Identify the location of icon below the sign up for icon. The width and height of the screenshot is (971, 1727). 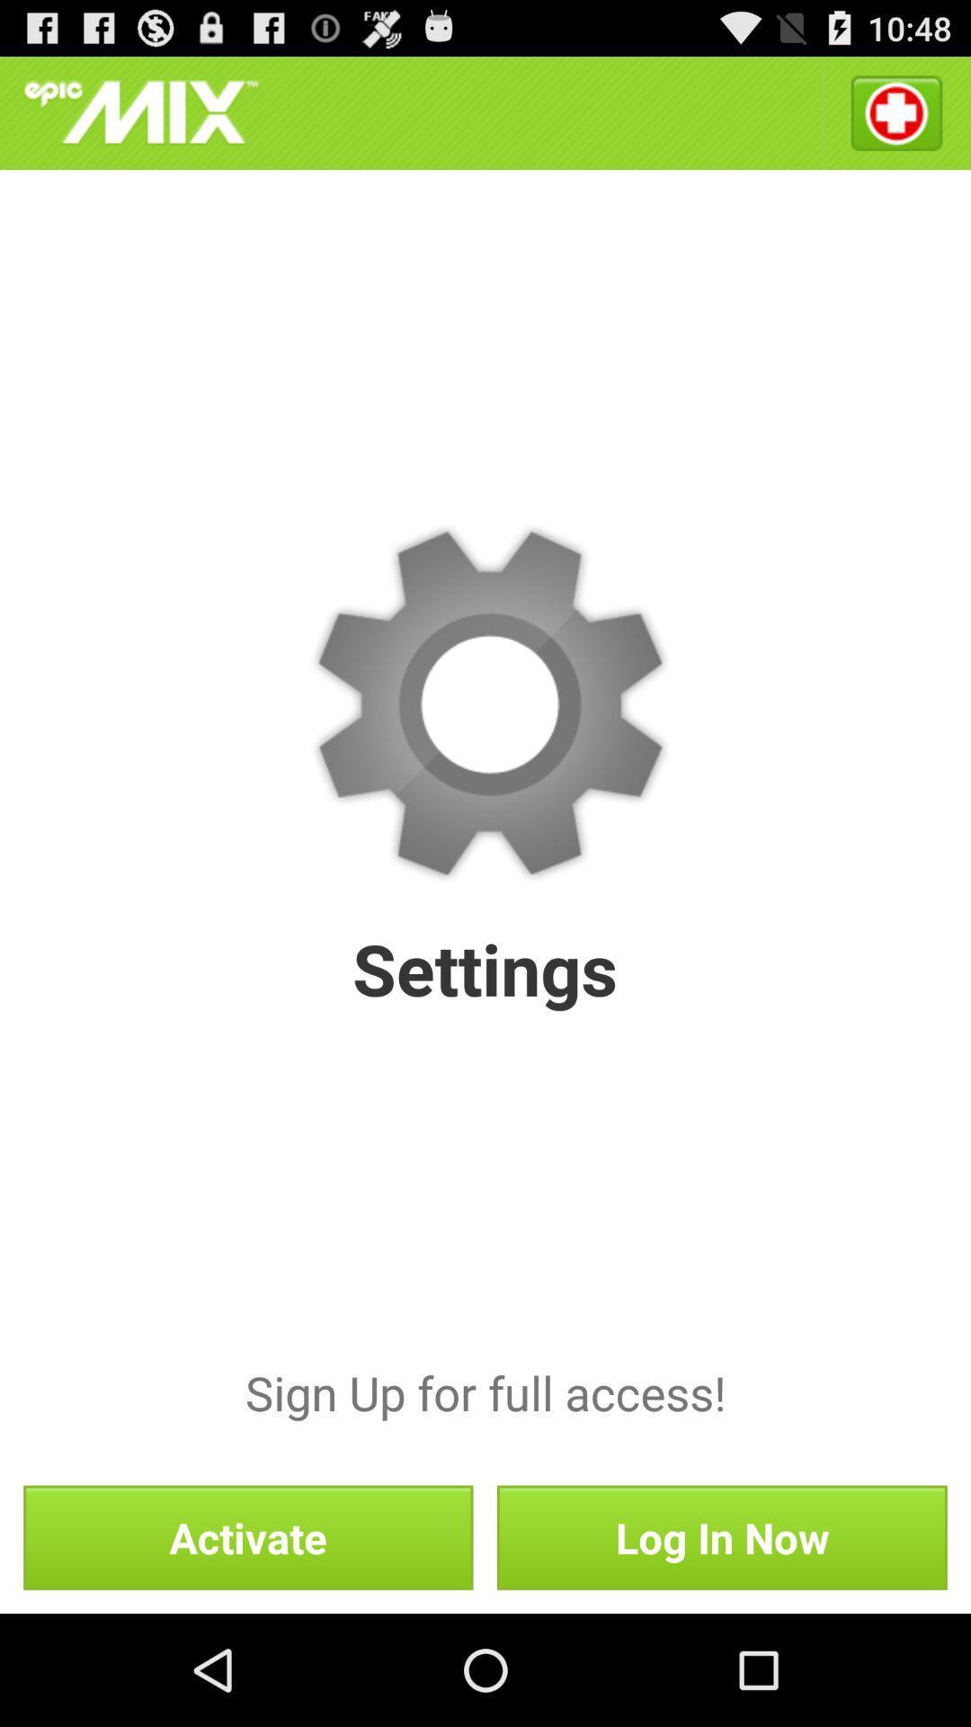
(248, 1536).